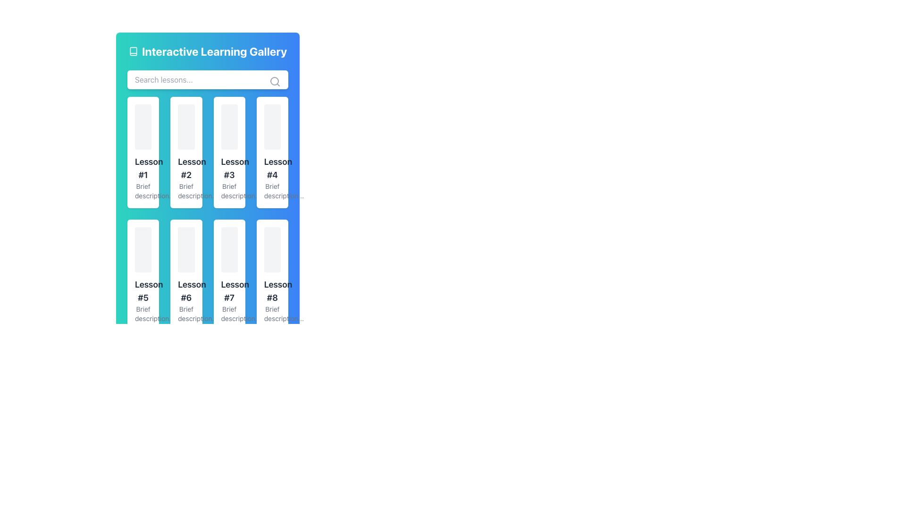 The width and height of the screenshot is (906, 510). I want to click on text displayed by the descriptive snippet label located below the title 'Lesson #8' in the lesson card, so click(272, 314).